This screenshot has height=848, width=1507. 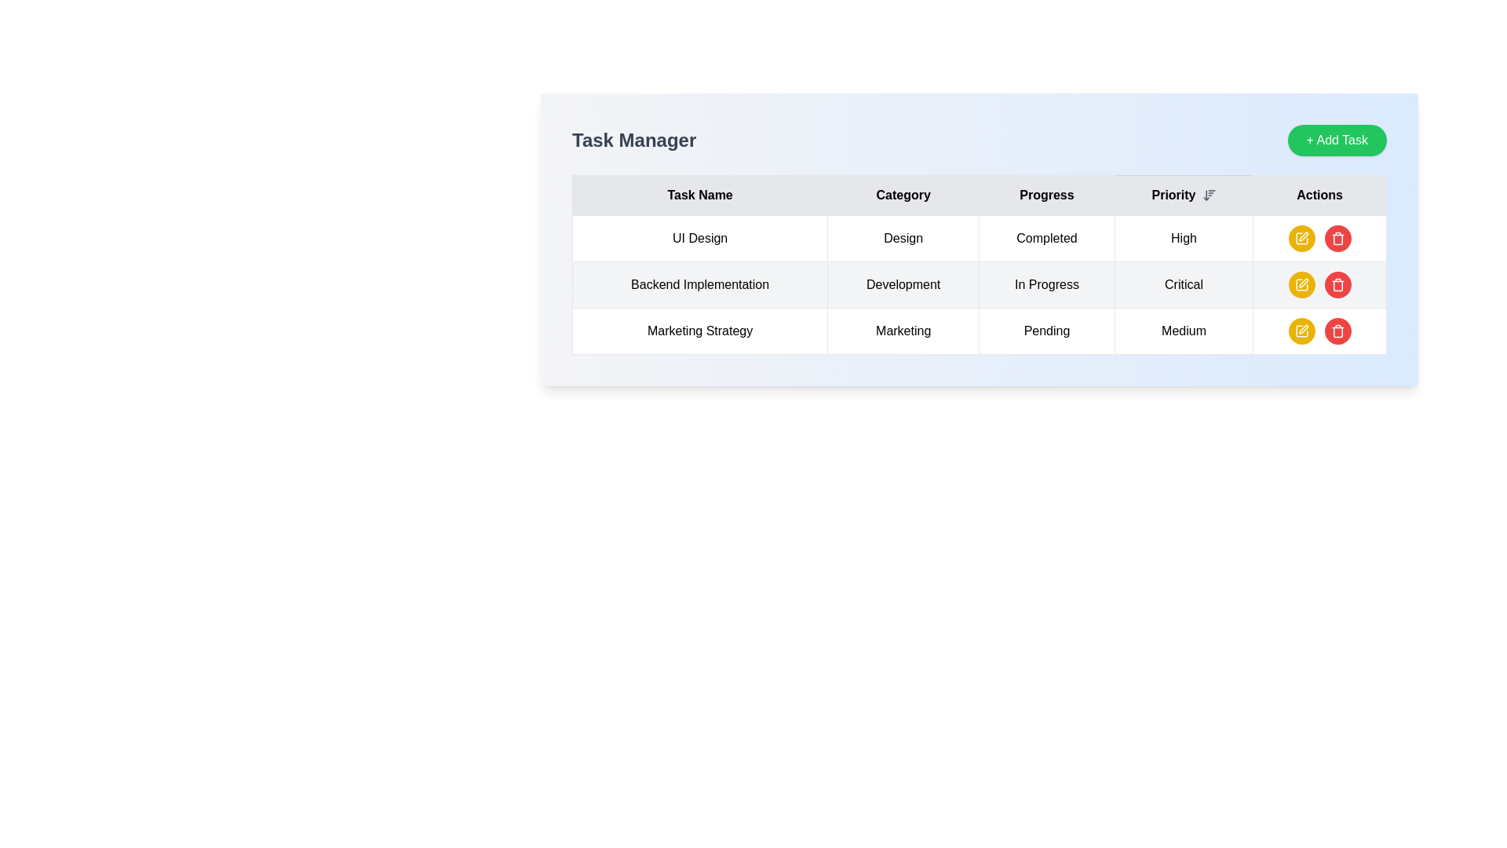 I want to click on the deletion button icon in the 'Actions' column of the 'Task Manager' table associated with the 'Backend Implementation' task, so click(x=1337, y=284).